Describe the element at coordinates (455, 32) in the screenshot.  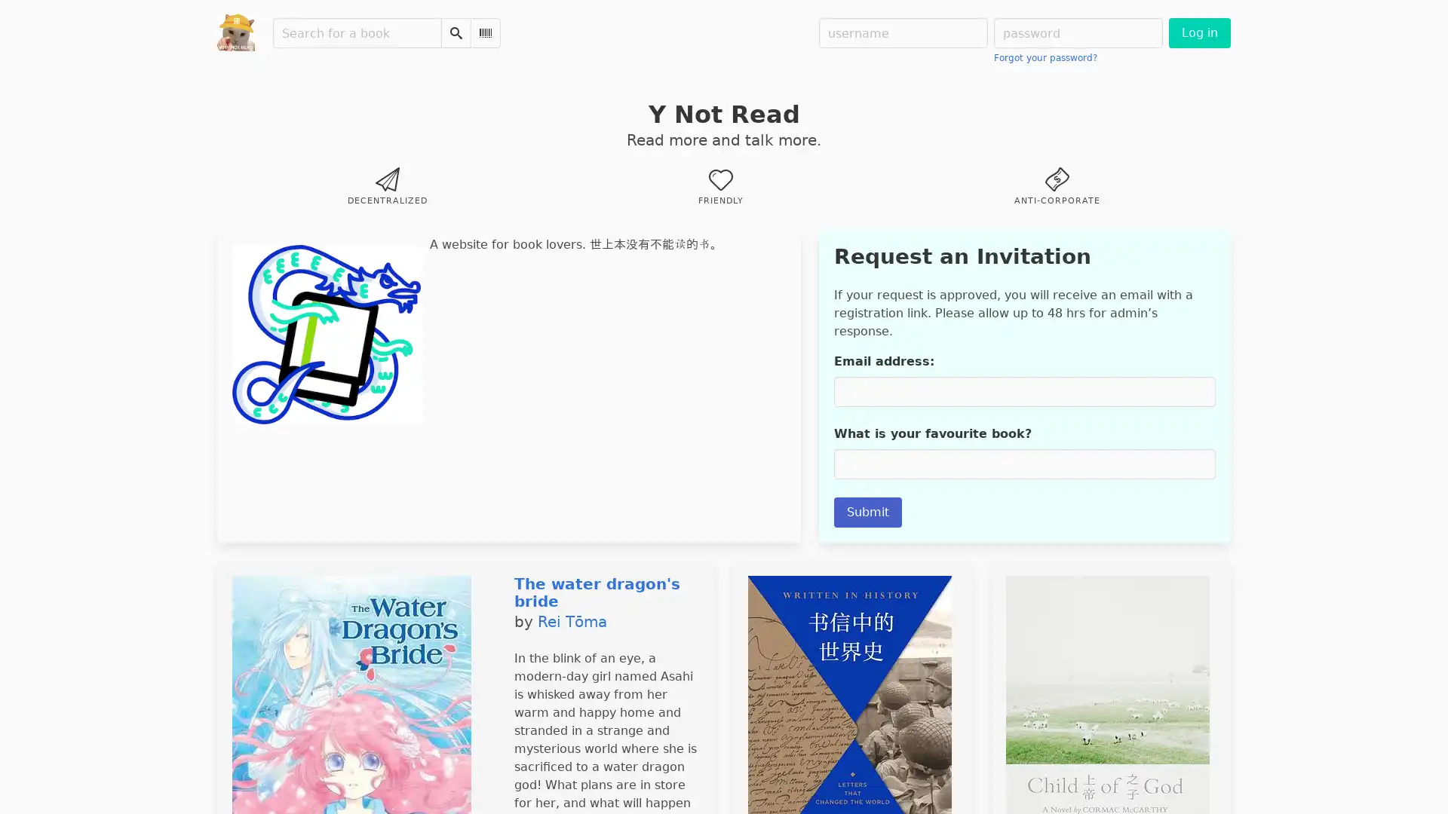
I see `Search` at that location.